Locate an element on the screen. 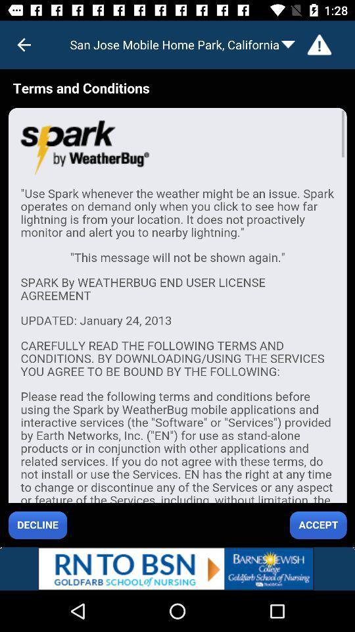 This screenshot has height=632, width=355. lower advertisement bar is located at coordinates (177, 568).